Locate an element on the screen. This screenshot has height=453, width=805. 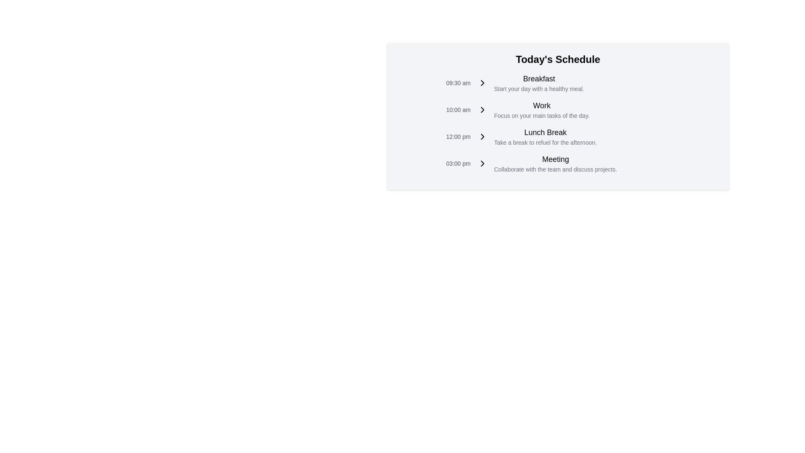
the text label titled 'Meeting' which denotes the title of an event in the schedule, located under the 03:00 pm time slot is located at coordinates (556, 159).